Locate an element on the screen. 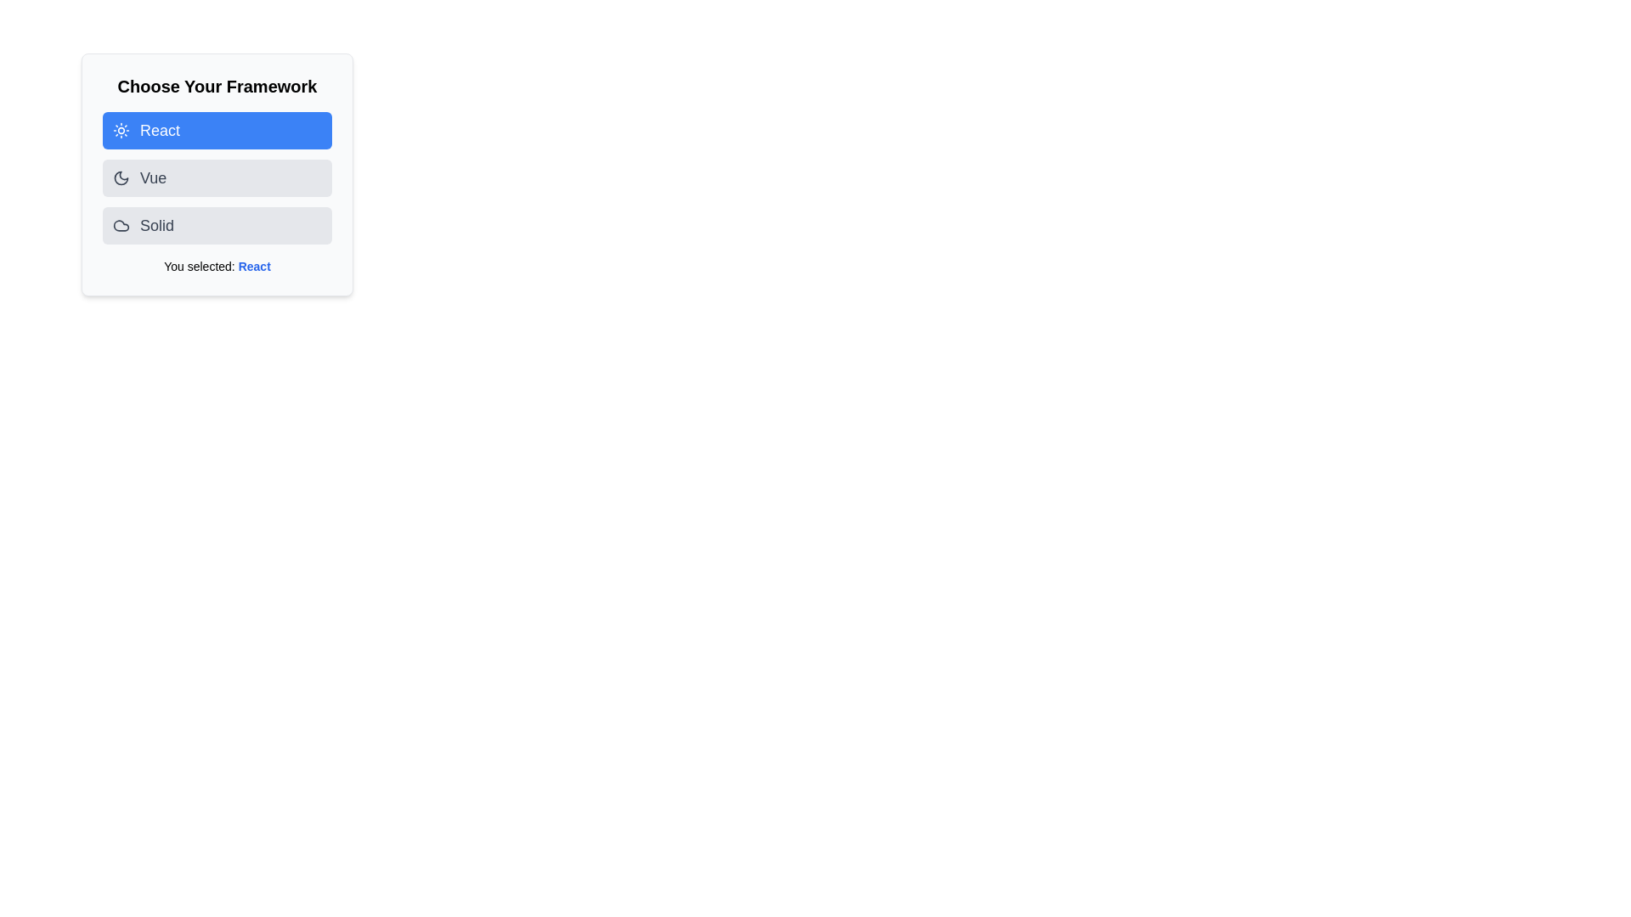 The width and height of the screenshot is (1631, 917). the 'Vue' selection button located between the 'React' and 'Solid' boxes is located at coordinates (216, 174).